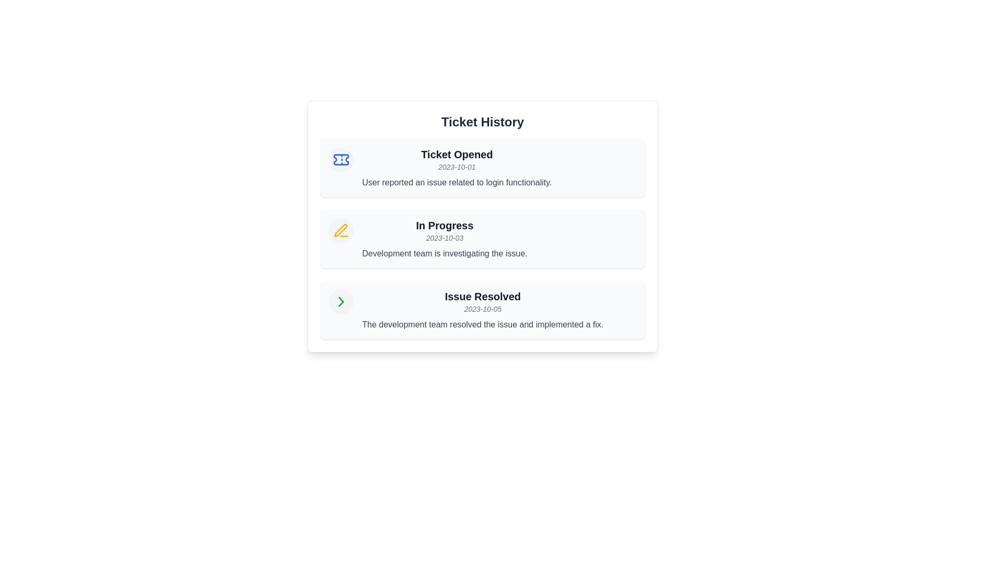 The height and width of the screenshot is (564, 1002). What do you see at coordinates (341, 159) in the screenshot?
I see `the ticket icon styled with blue lines, located at the top-left corner of the first item in the 'Ticket History' list, aligned with the title 'Ticket Opened'` at bounding box center [341, 159].